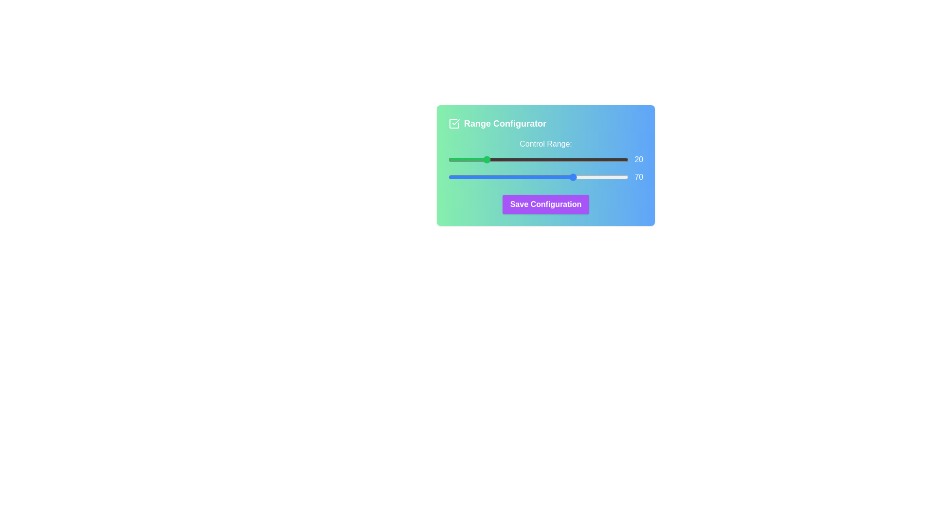  What do you see at coordinates (546, 204) in the screenshot?
I see `the 'Save Configuration' button to observe hover effects` at bounding box center [546, 204].